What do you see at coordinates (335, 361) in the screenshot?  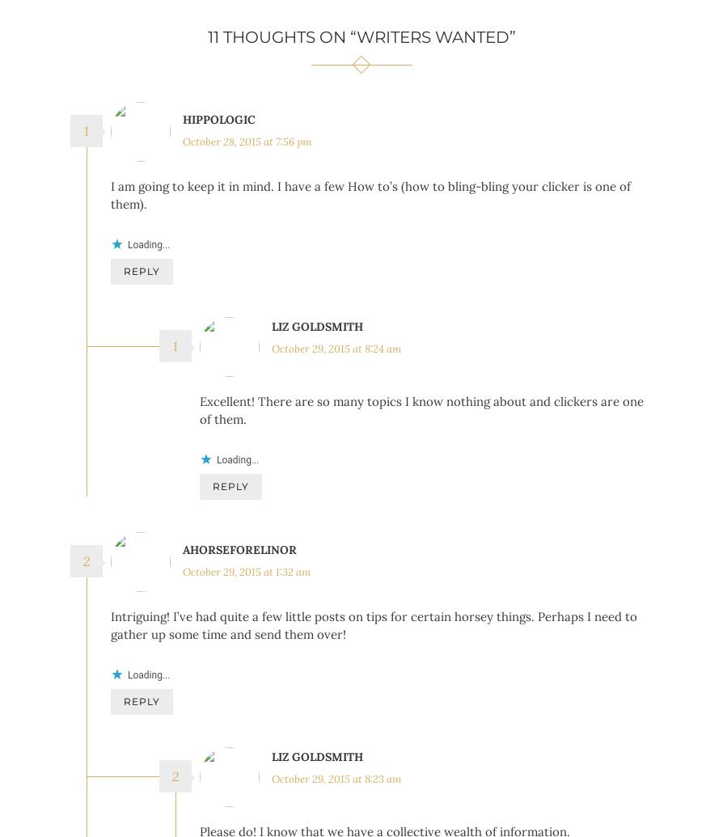 I see `'October 29, 2015 at 8:24 am'` at bounding box center [335, 361].